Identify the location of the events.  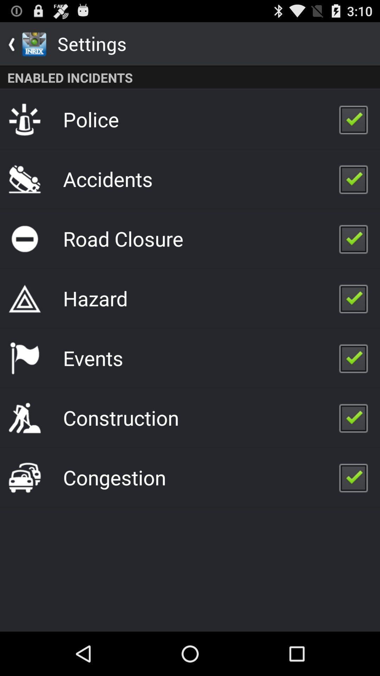
(93, 358).